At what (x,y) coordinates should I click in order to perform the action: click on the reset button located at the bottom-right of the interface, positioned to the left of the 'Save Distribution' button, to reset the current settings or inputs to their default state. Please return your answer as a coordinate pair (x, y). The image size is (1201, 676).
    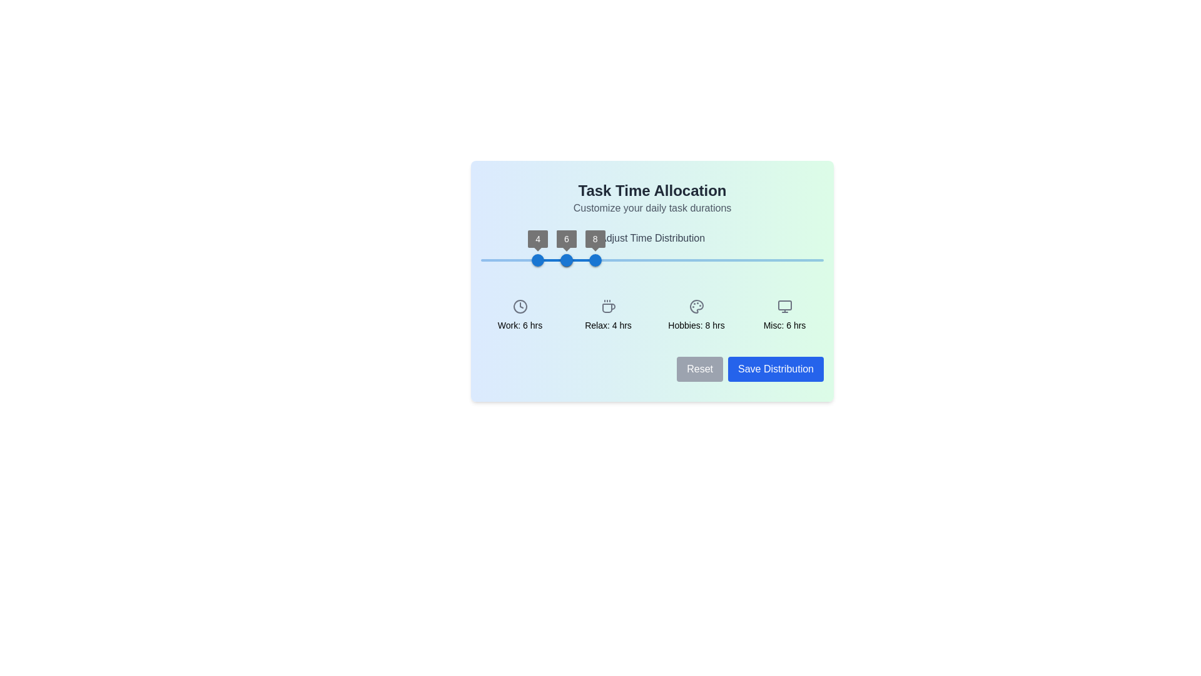
    Looking at the image, I should click on (699, 369).